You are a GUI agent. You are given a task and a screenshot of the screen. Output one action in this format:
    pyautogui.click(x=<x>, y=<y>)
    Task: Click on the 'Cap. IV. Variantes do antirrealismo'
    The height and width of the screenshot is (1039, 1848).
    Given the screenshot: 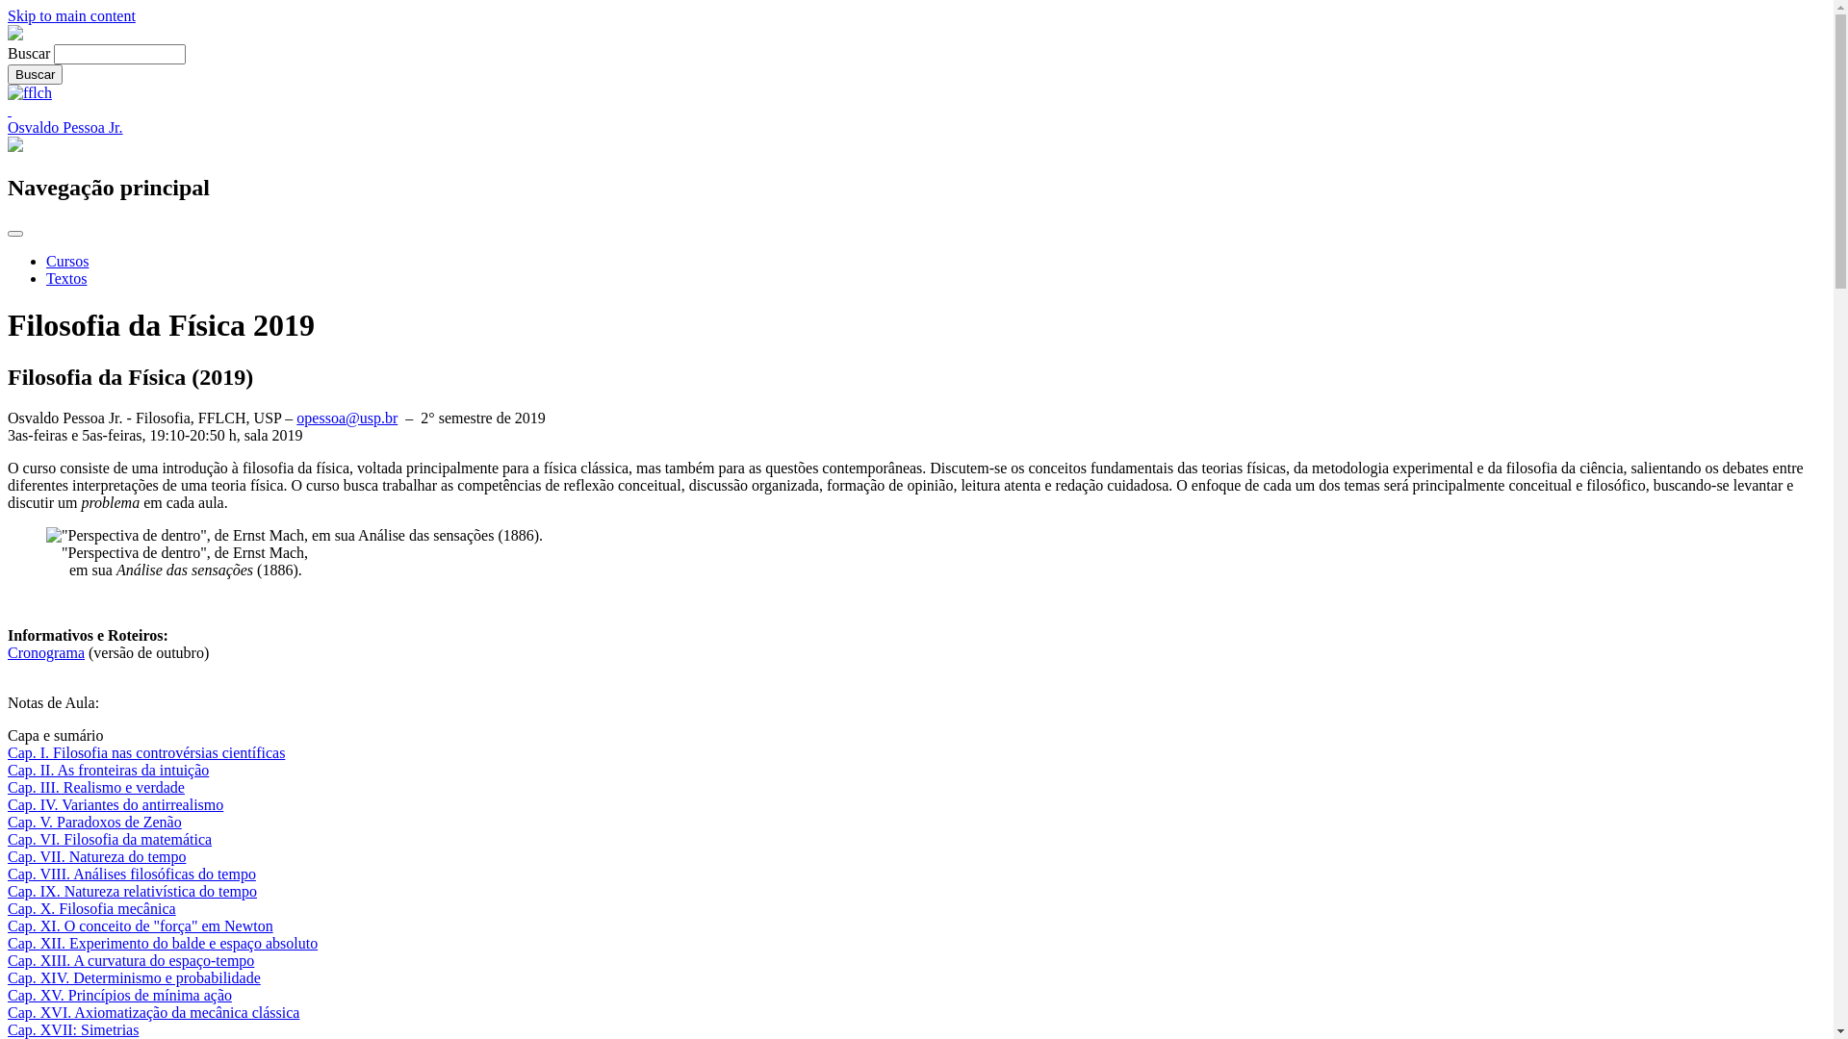 What is the action you would take?
    pyautogui.click(x=115, y=804)
    